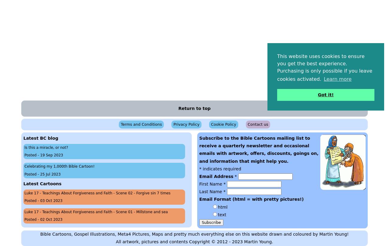 Image resolution: width=389 pixels, height=246 pixels. Describe the element at coordinates (211, 184) in the screenshot. I see `'First Name'` at that location.